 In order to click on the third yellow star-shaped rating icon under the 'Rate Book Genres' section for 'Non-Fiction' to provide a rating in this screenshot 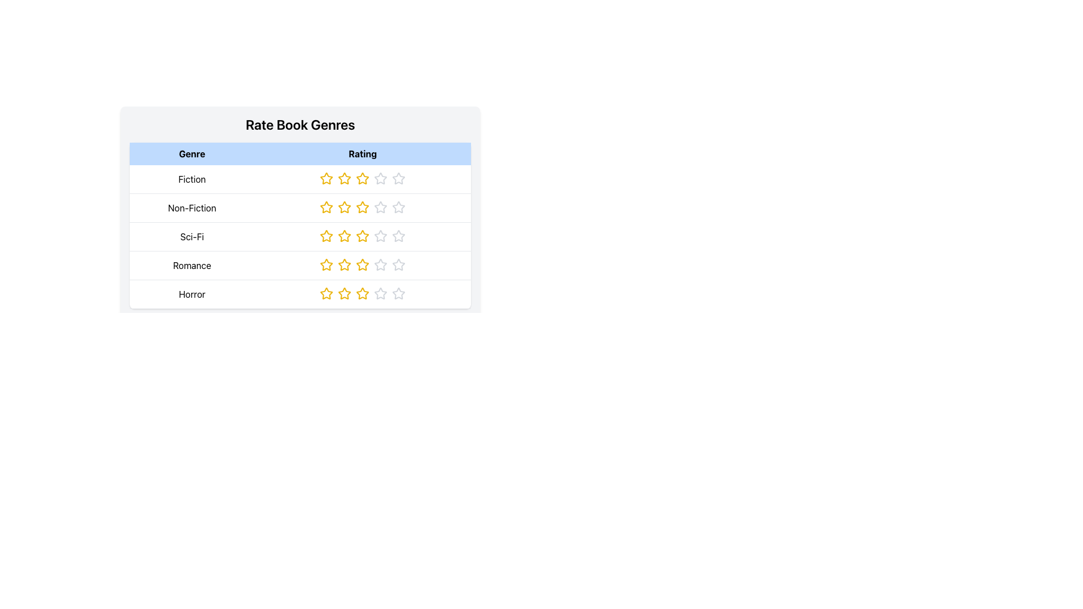, I will do `click(363, 207)`.